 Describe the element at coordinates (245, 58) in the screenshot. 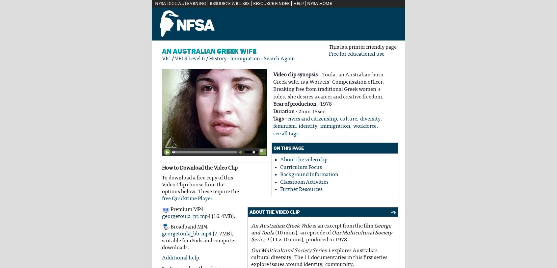

I see `'Immigration'` at that location.